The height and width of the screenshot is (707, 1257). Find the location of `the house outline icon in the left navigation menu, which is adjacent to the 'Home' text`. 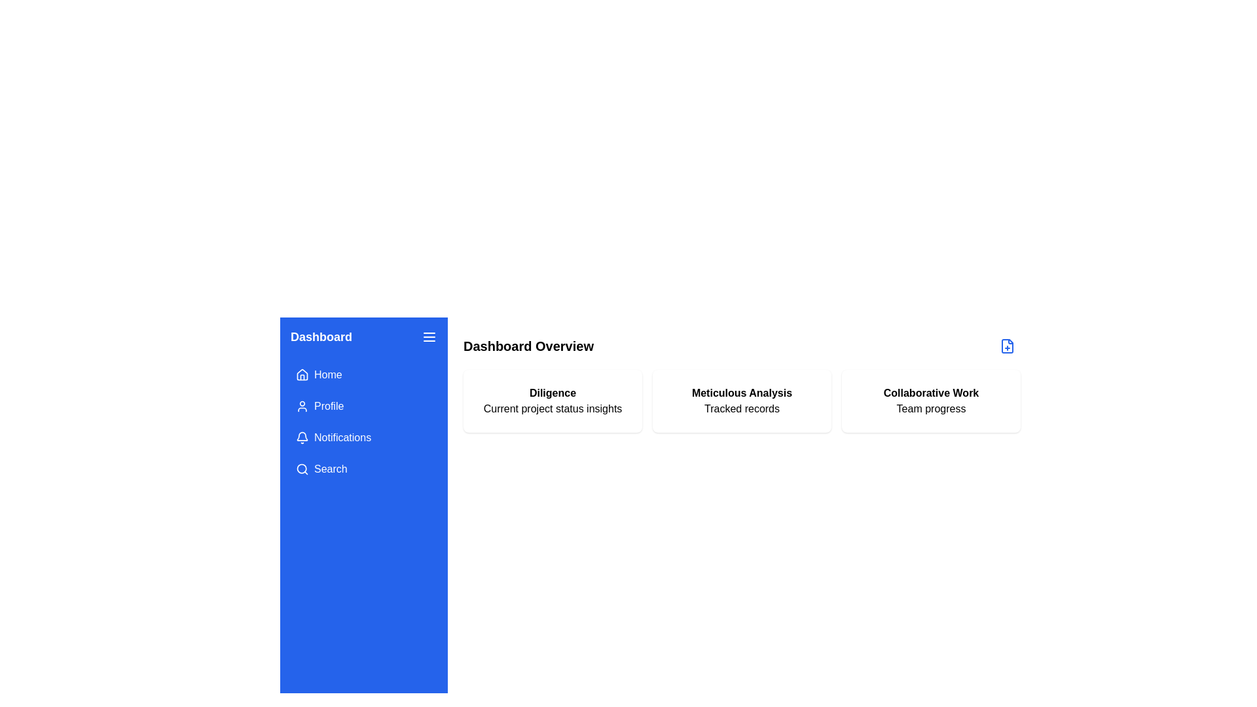

the house outline icon in the left navigation menu, which is adjacent to the 'Home' text is located at coordinates (301, 375).